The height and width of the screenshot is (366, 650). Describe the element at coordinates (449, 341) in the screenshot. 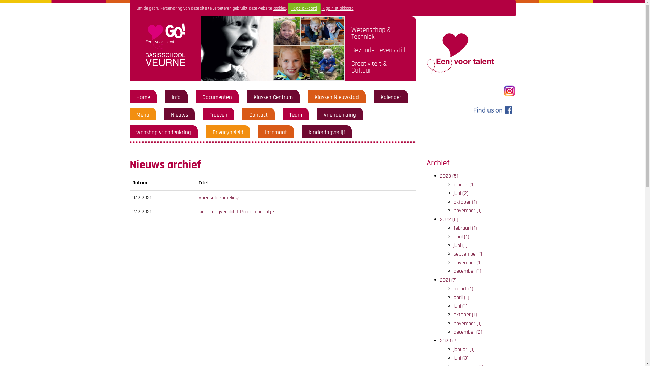

I see `'2020 (7)'` at that location.